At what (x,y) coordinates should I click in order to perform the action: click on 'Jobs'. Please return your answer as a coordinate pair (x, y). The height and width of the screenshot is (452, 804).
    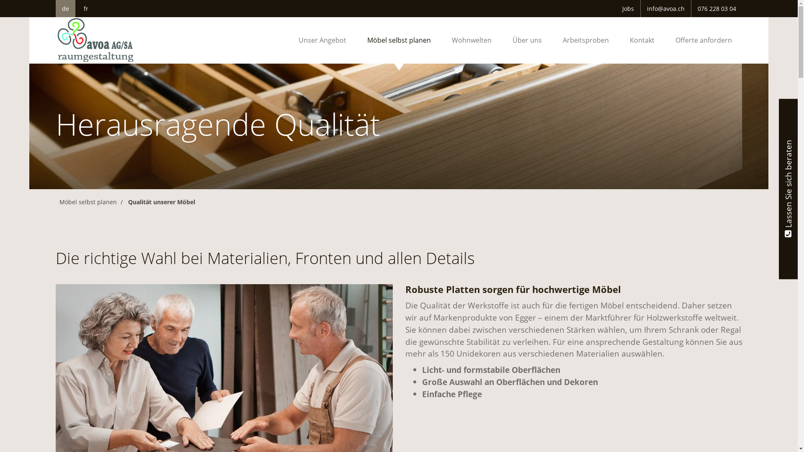
    Looking at the image, I should click on (628, 8).